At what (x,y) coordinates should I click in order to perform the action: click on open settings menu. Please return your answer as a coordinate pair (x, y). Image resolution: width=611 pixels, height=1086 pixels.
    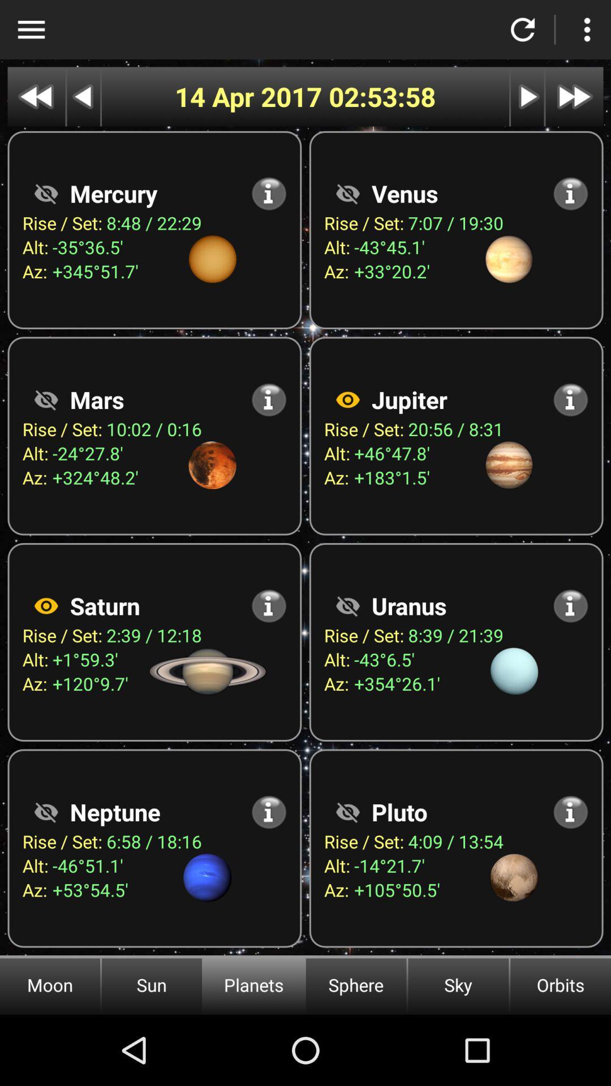
    Looking at the image, I should click on (586, 29).